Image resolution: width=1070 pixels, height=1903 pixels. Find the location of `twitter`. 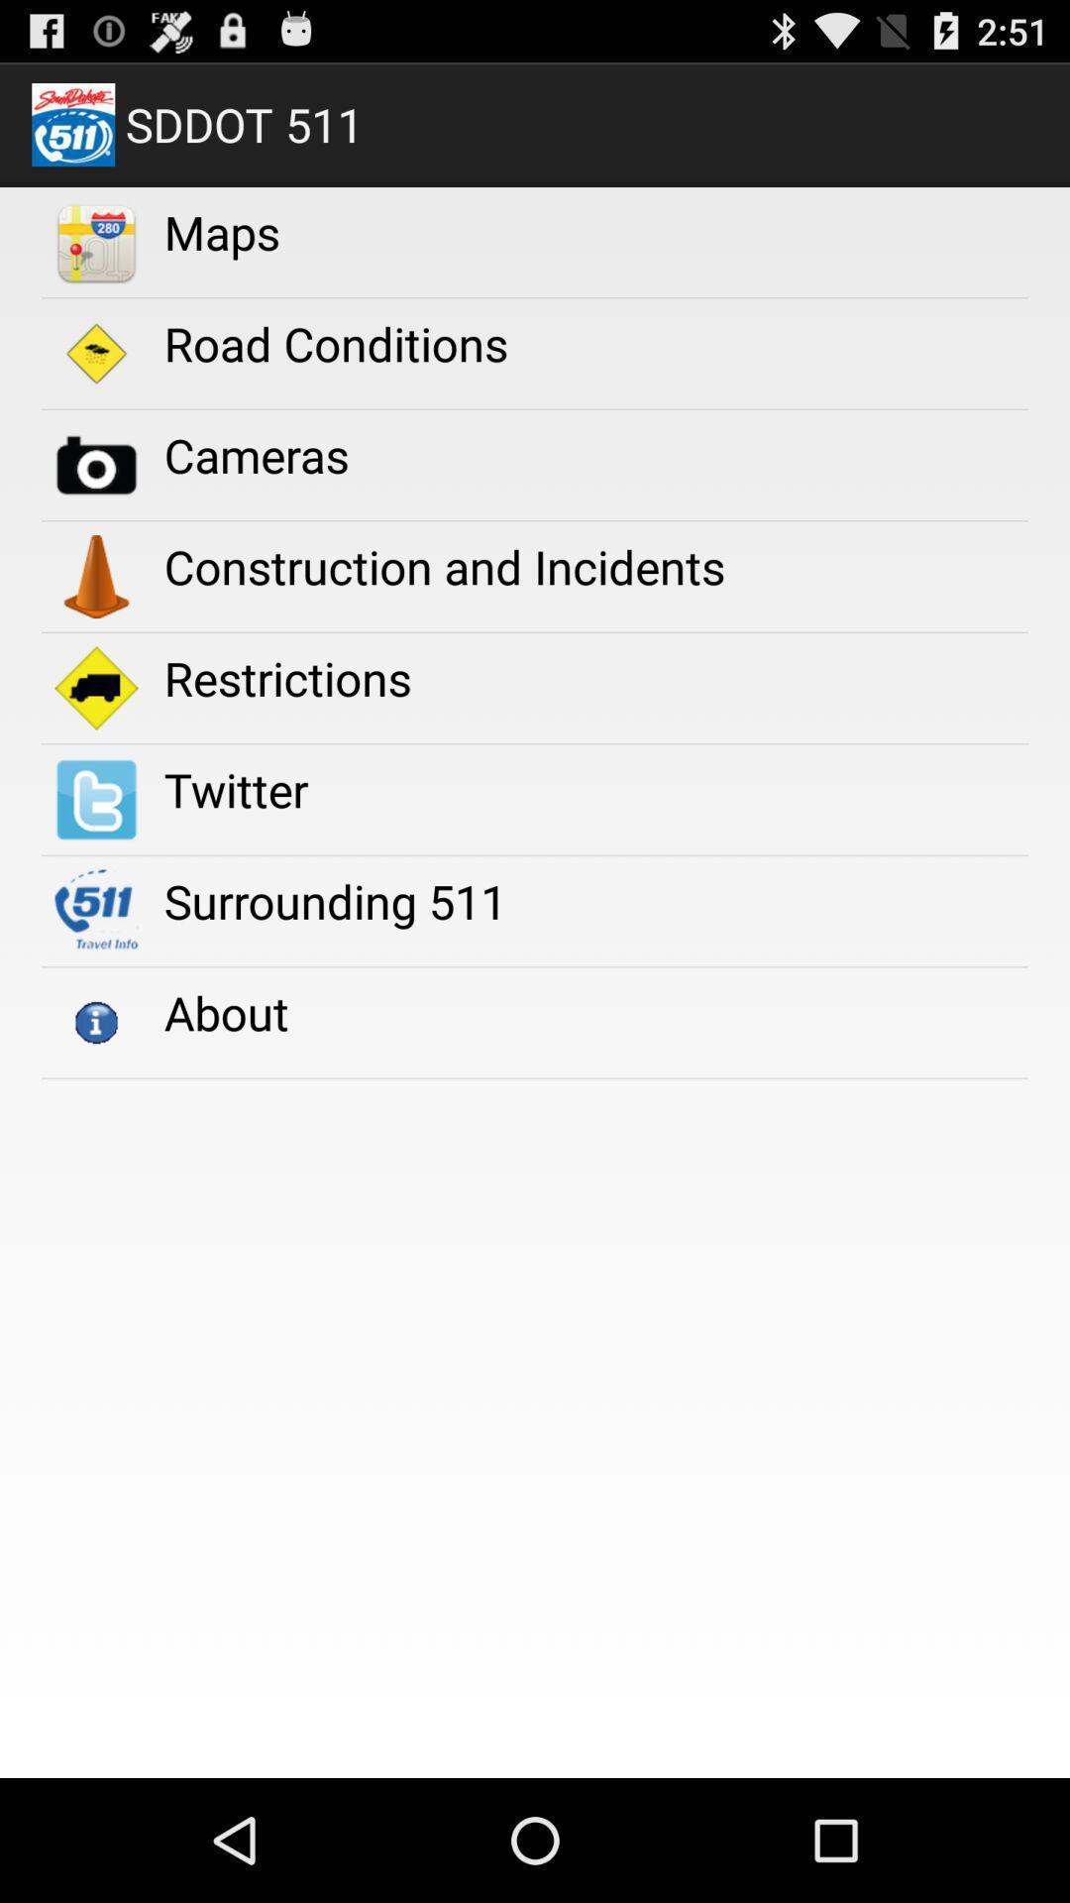

twitter is located at coordinates (235, 788).